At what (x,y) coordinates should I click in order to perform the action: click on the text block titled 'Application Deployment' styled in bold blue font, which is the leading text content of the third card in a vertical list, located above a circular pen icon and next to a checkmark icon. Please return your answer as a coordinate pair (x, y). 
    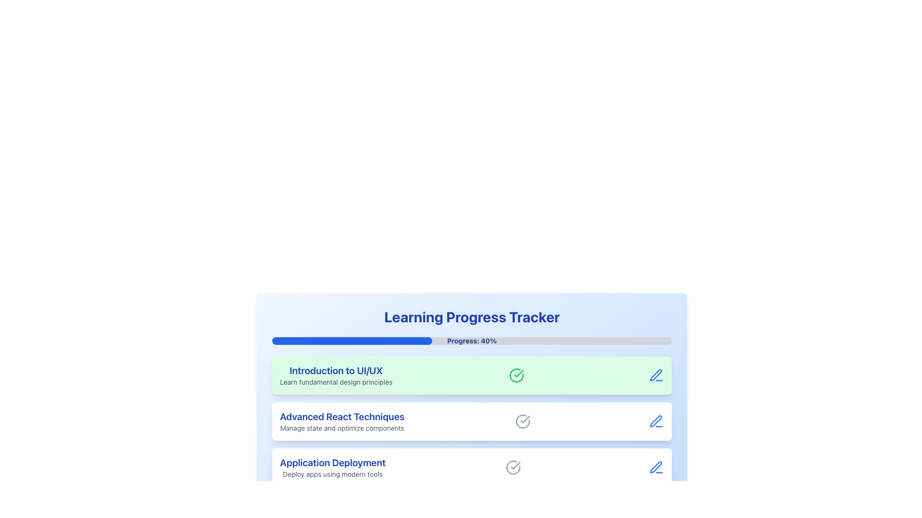
    Looking at the image, I should click on (333, 467).